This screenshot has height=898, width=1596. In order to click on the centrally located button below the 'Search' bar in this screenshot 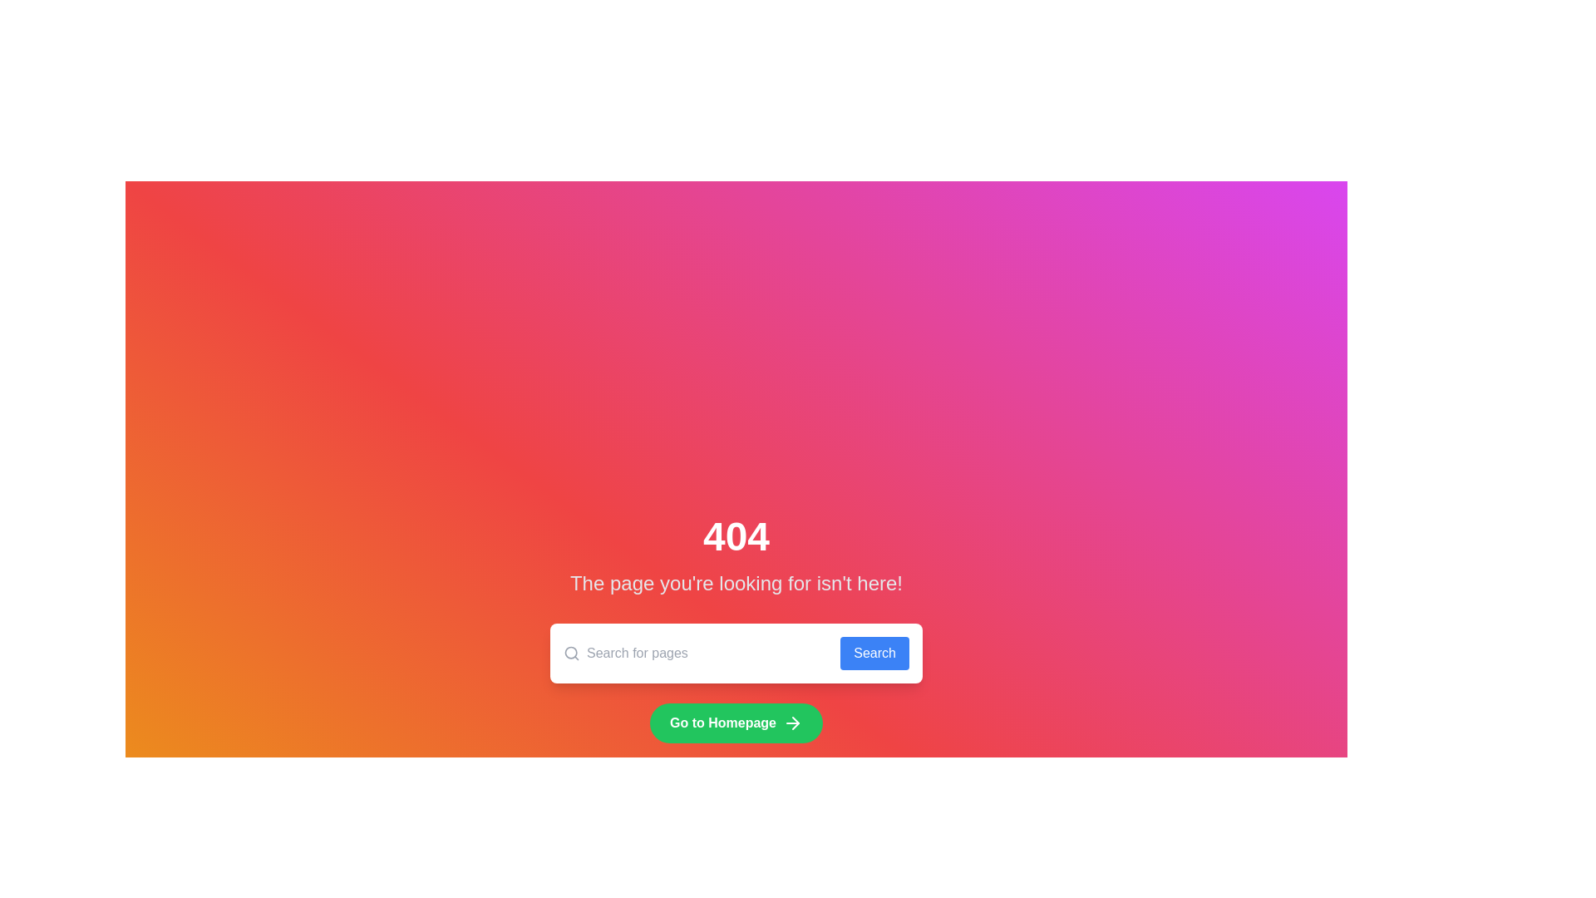, I will do `click(736, 723)`.